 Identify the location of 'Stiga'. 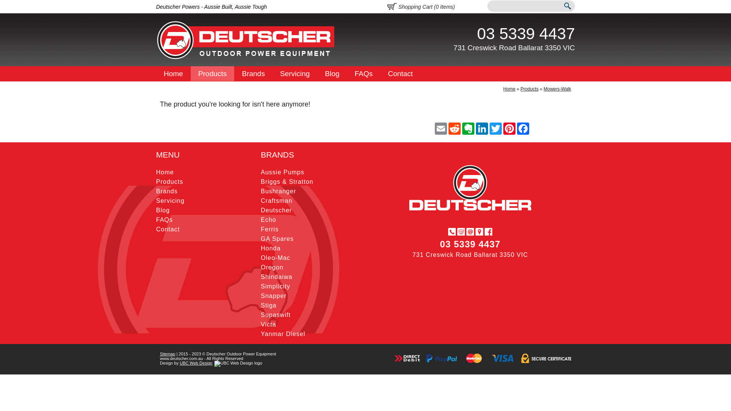
(261, 305).